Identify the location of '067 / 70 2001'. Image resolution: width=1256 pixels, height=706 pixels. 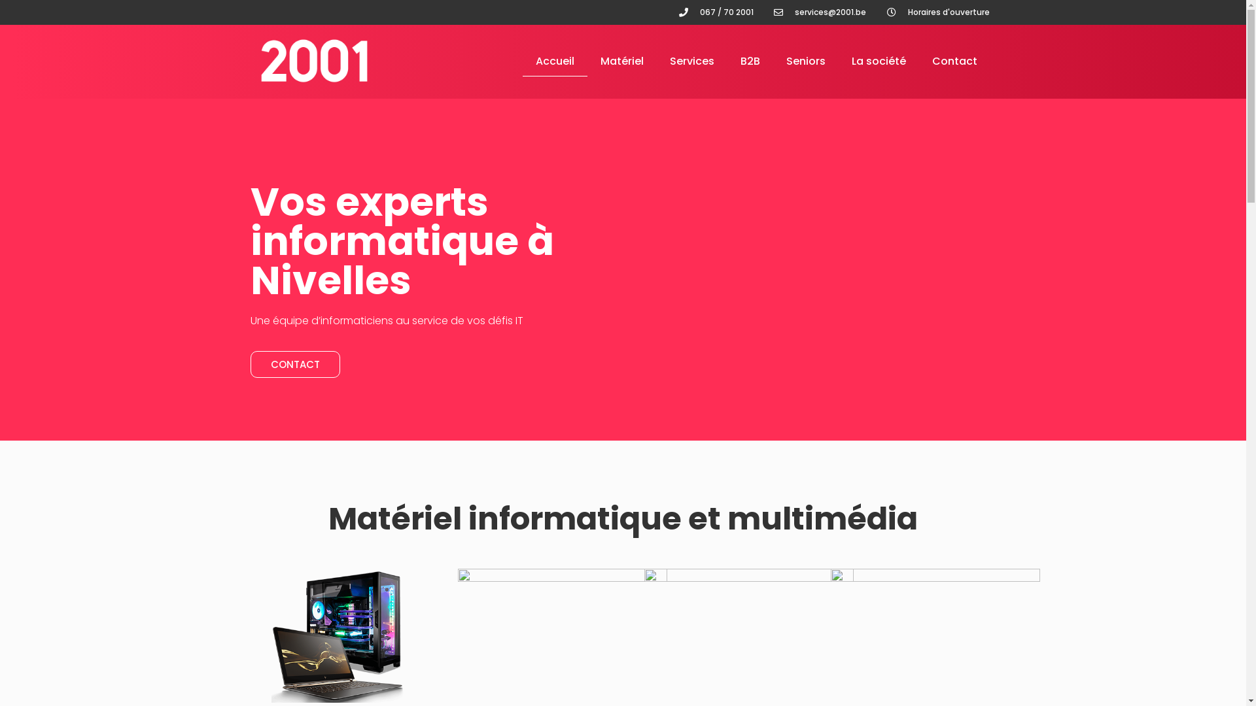
(714, 12).